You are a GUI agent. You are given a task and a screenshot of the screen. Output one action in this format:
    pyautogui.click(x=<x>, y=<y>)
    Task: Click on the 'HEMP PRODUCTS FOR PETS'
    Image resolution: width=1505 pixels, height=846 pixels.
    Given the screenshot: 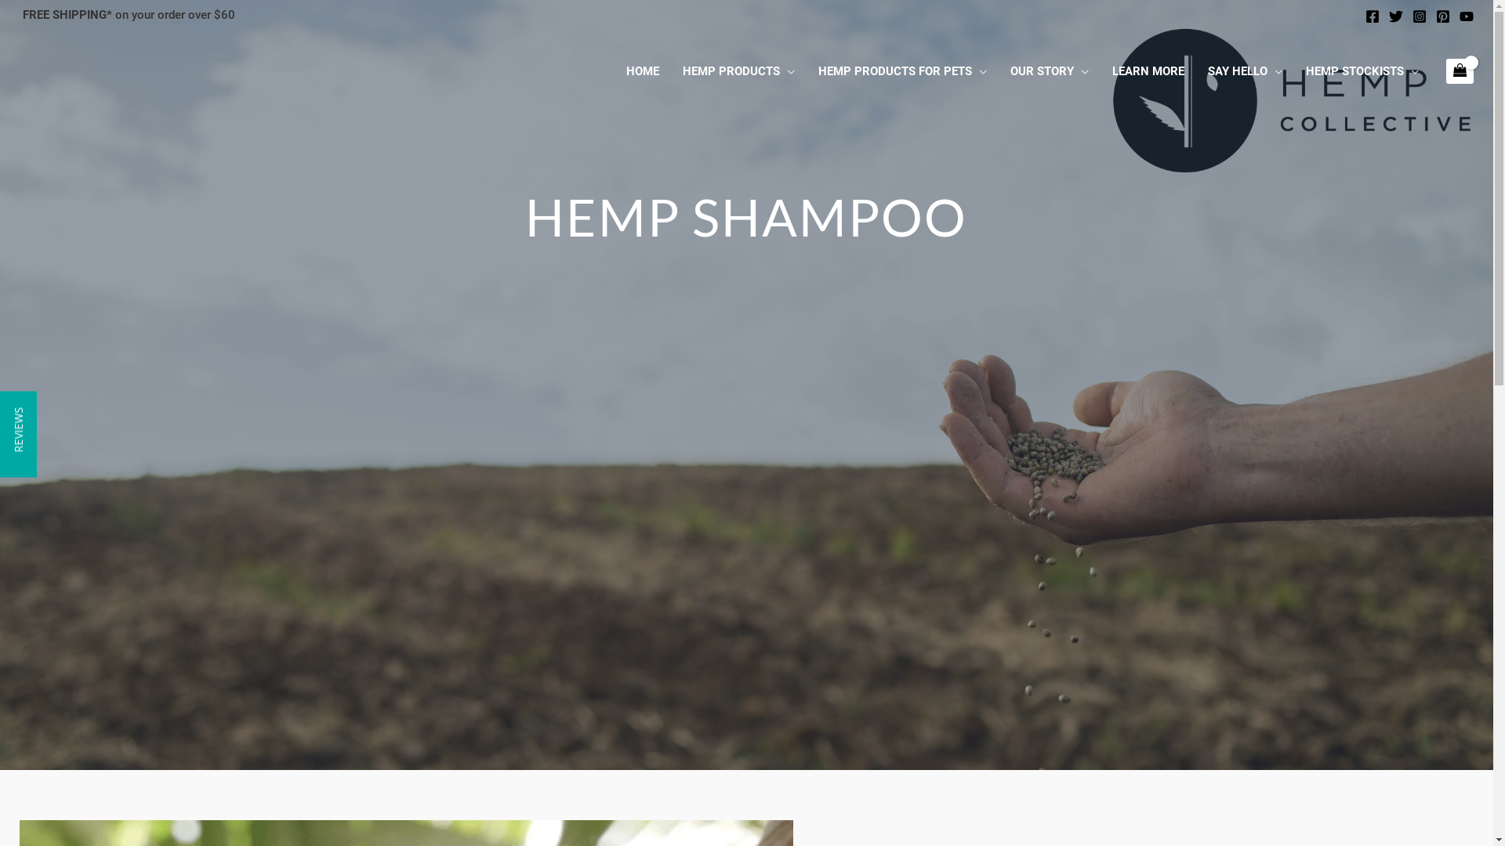 What is the action you would take?
    pyautogui.click(x=902, y=71)
    